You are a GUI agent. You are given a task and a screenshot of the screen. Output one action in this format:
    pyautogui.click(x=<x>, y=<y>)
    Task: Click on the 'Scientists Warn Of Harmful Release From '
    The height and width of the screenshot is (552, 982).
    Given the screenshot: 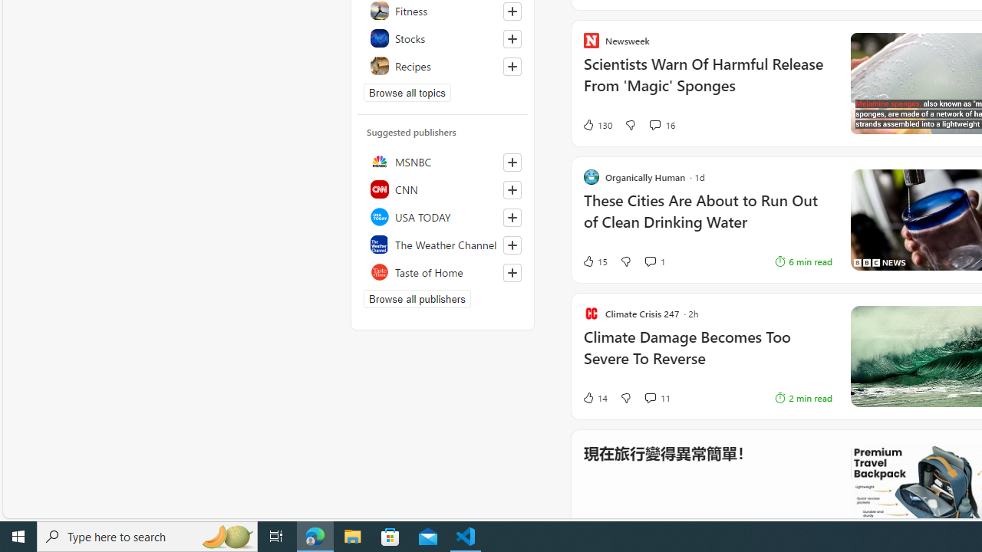 What is the action you would take?
    pyautogui.click(x=707, y=83)
    